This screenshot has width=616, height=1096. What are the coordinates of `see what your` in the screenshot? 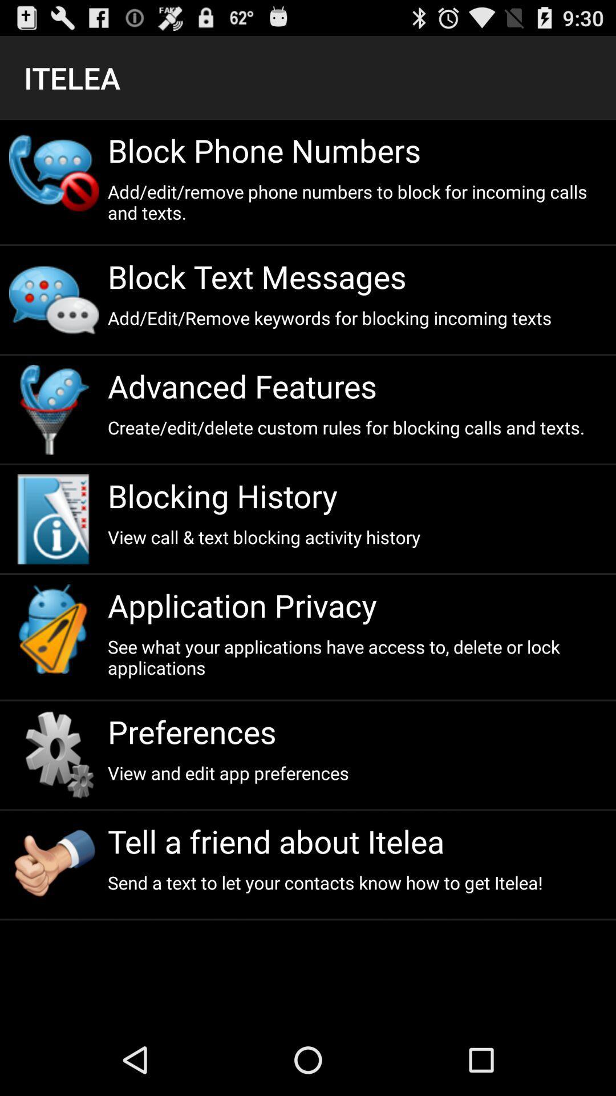 It's located at (356, 657).